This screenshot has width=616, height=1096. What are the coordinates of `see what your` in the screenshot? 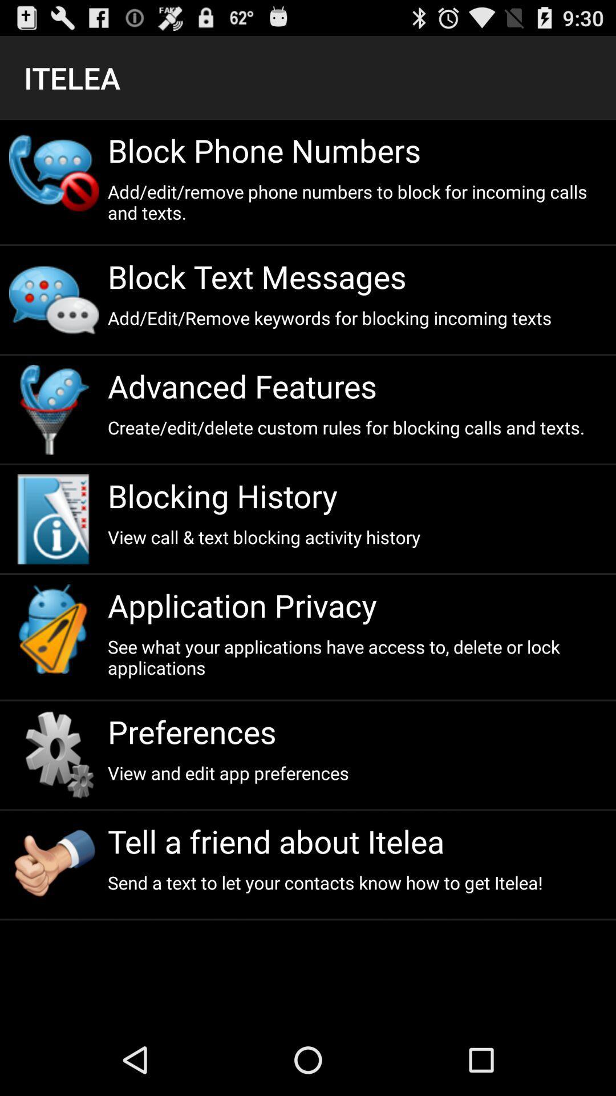 It's located at (356, 657).